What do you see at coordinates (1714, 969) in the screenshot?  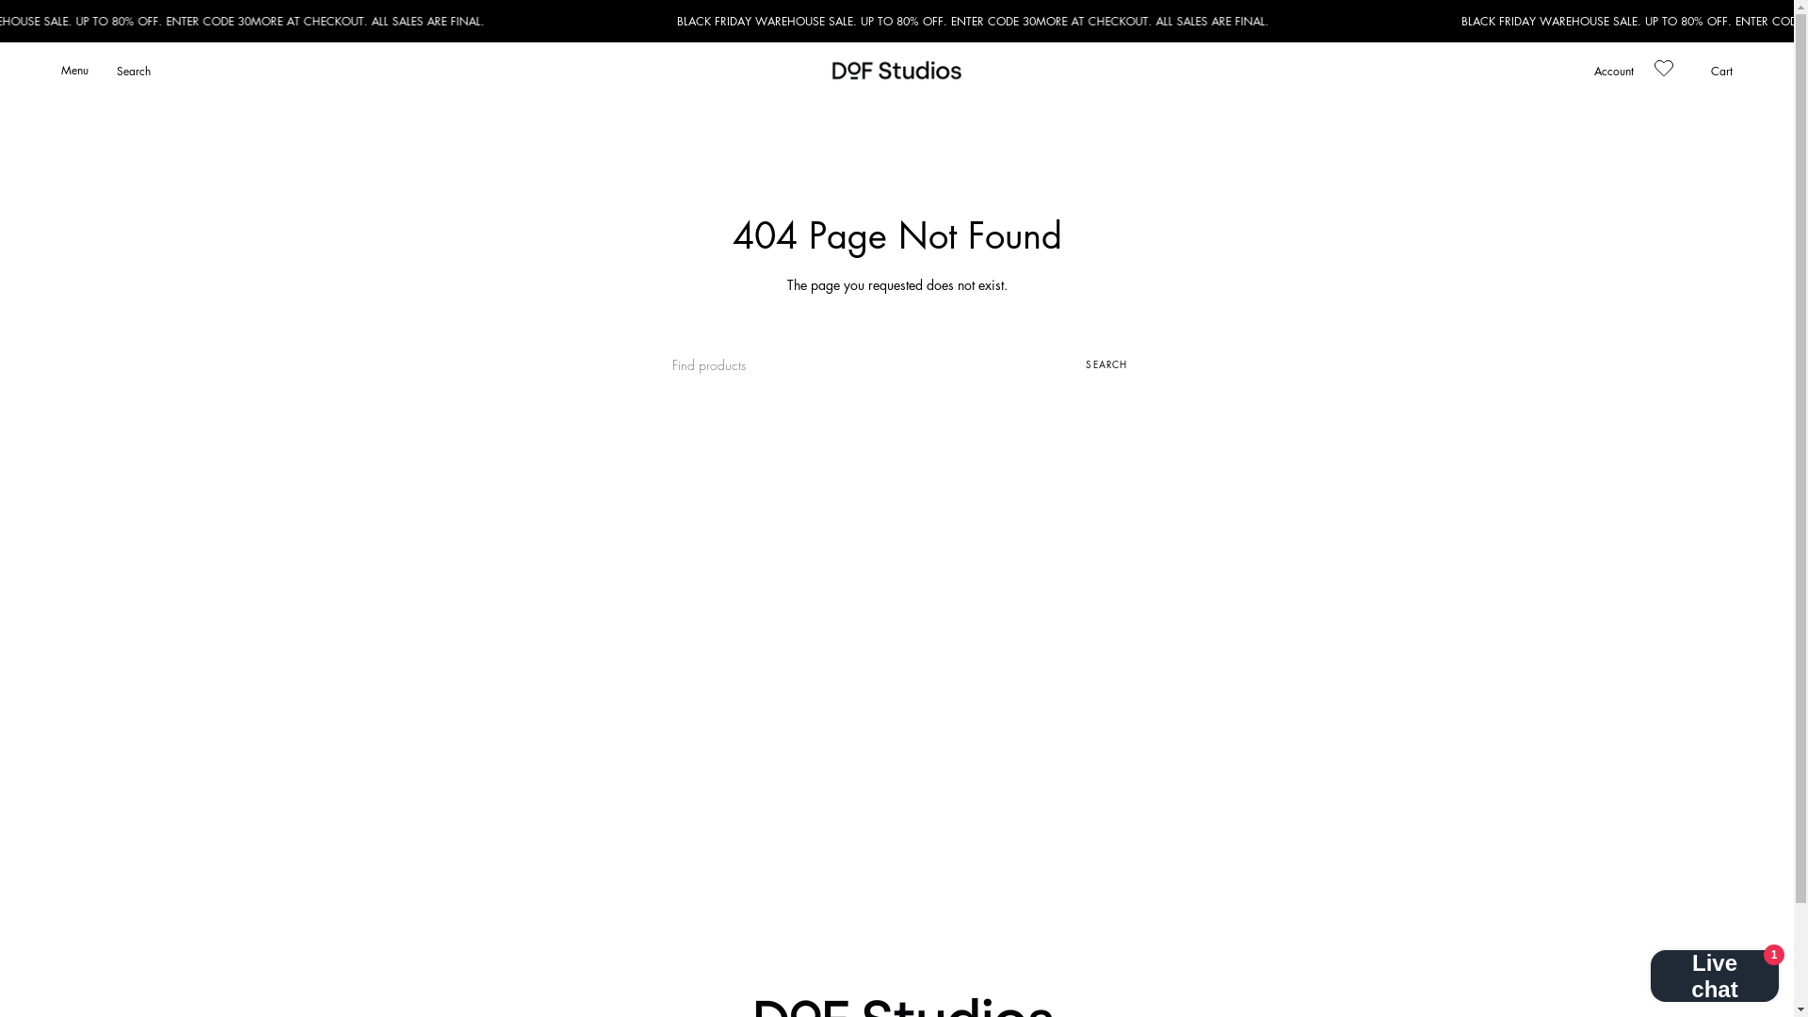 I see `'Shopify online store chat'` at bounding box center [1714, 969].